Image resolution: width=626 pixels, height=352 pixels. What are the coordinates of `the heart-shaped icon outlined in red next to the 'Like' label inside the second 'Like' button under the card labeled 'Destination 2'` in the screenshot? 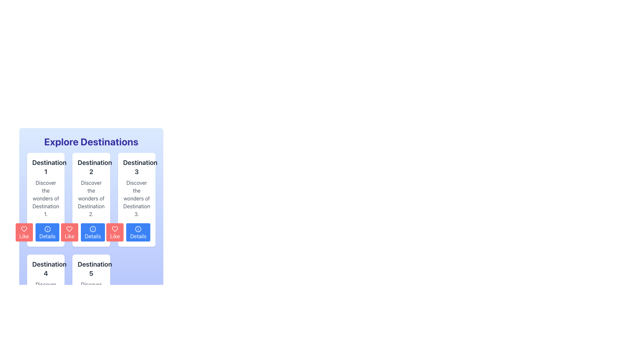 It's located at (69, 228).